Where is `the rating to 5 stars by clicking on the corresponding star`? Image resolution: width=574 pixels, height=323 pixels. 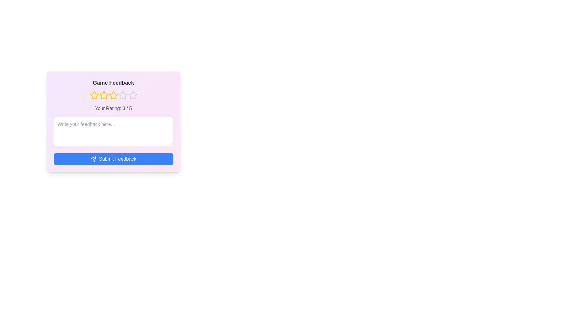 the rating to 5 stars by clicking on the corresponding star is located at coordinates (132, 95).